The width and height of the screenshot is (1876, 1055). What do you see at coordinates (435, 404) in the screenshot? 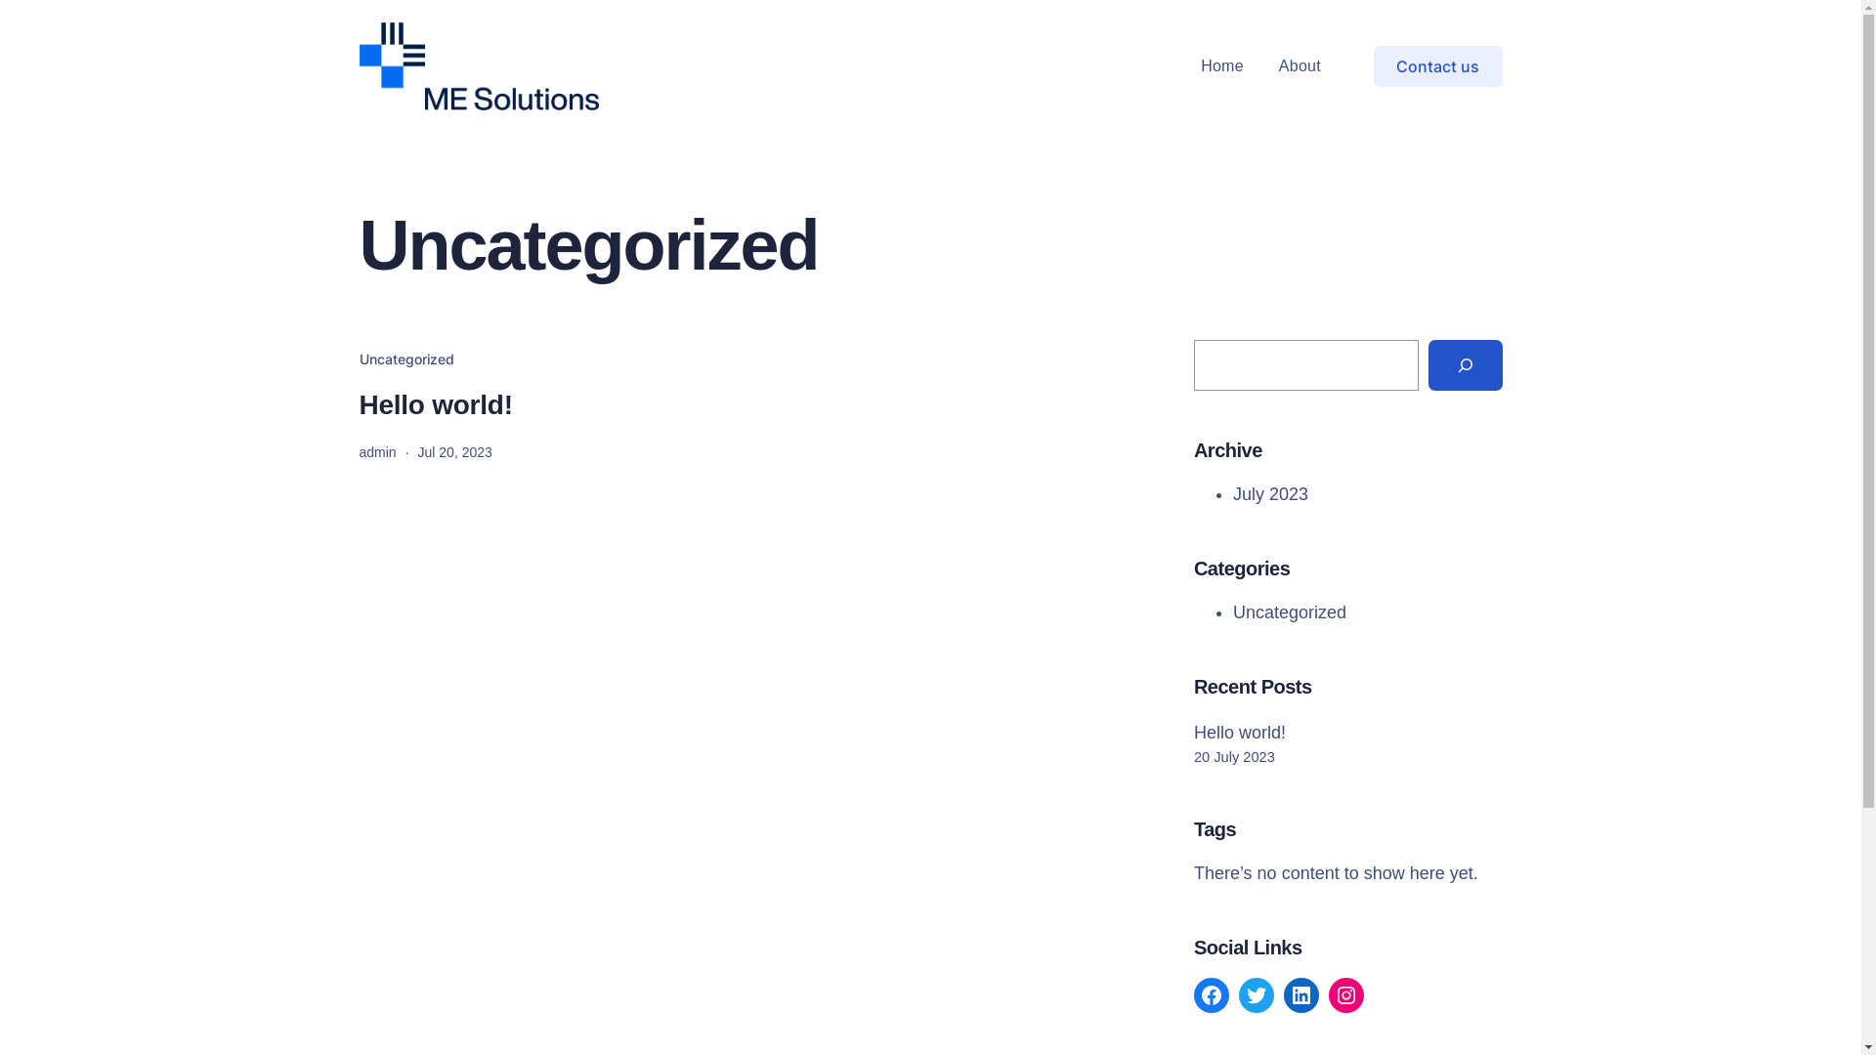
I see `'Hello world!'` at bounding box center [435, 404].